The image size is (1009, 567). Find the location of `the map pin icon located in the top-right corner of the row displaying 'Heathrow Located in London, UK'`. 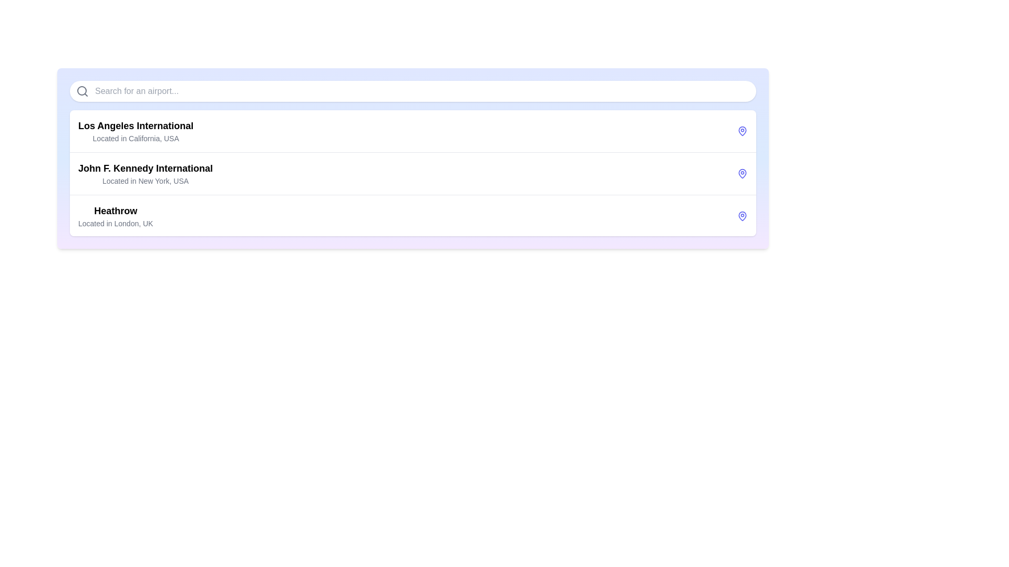

the map pin icon located in the top-right corner of the row displaying 'Heathrow Located in London, UK' is located at coordinates (742, 216).